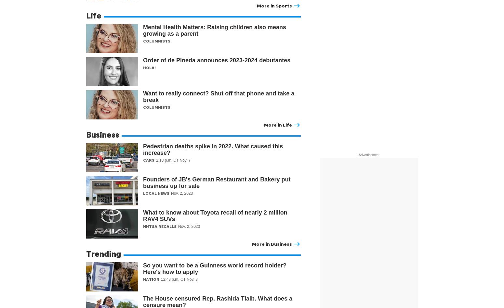  I want to click on 'More in Life', so click(264, 125).